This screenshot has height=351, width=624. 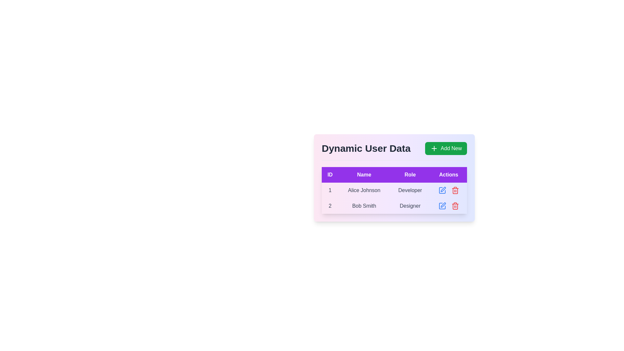 I want to click on the first row of the data table displaying details for 'Alice Johnson', including her ID '1' and title 'Developer', so click(x=394, y=190).